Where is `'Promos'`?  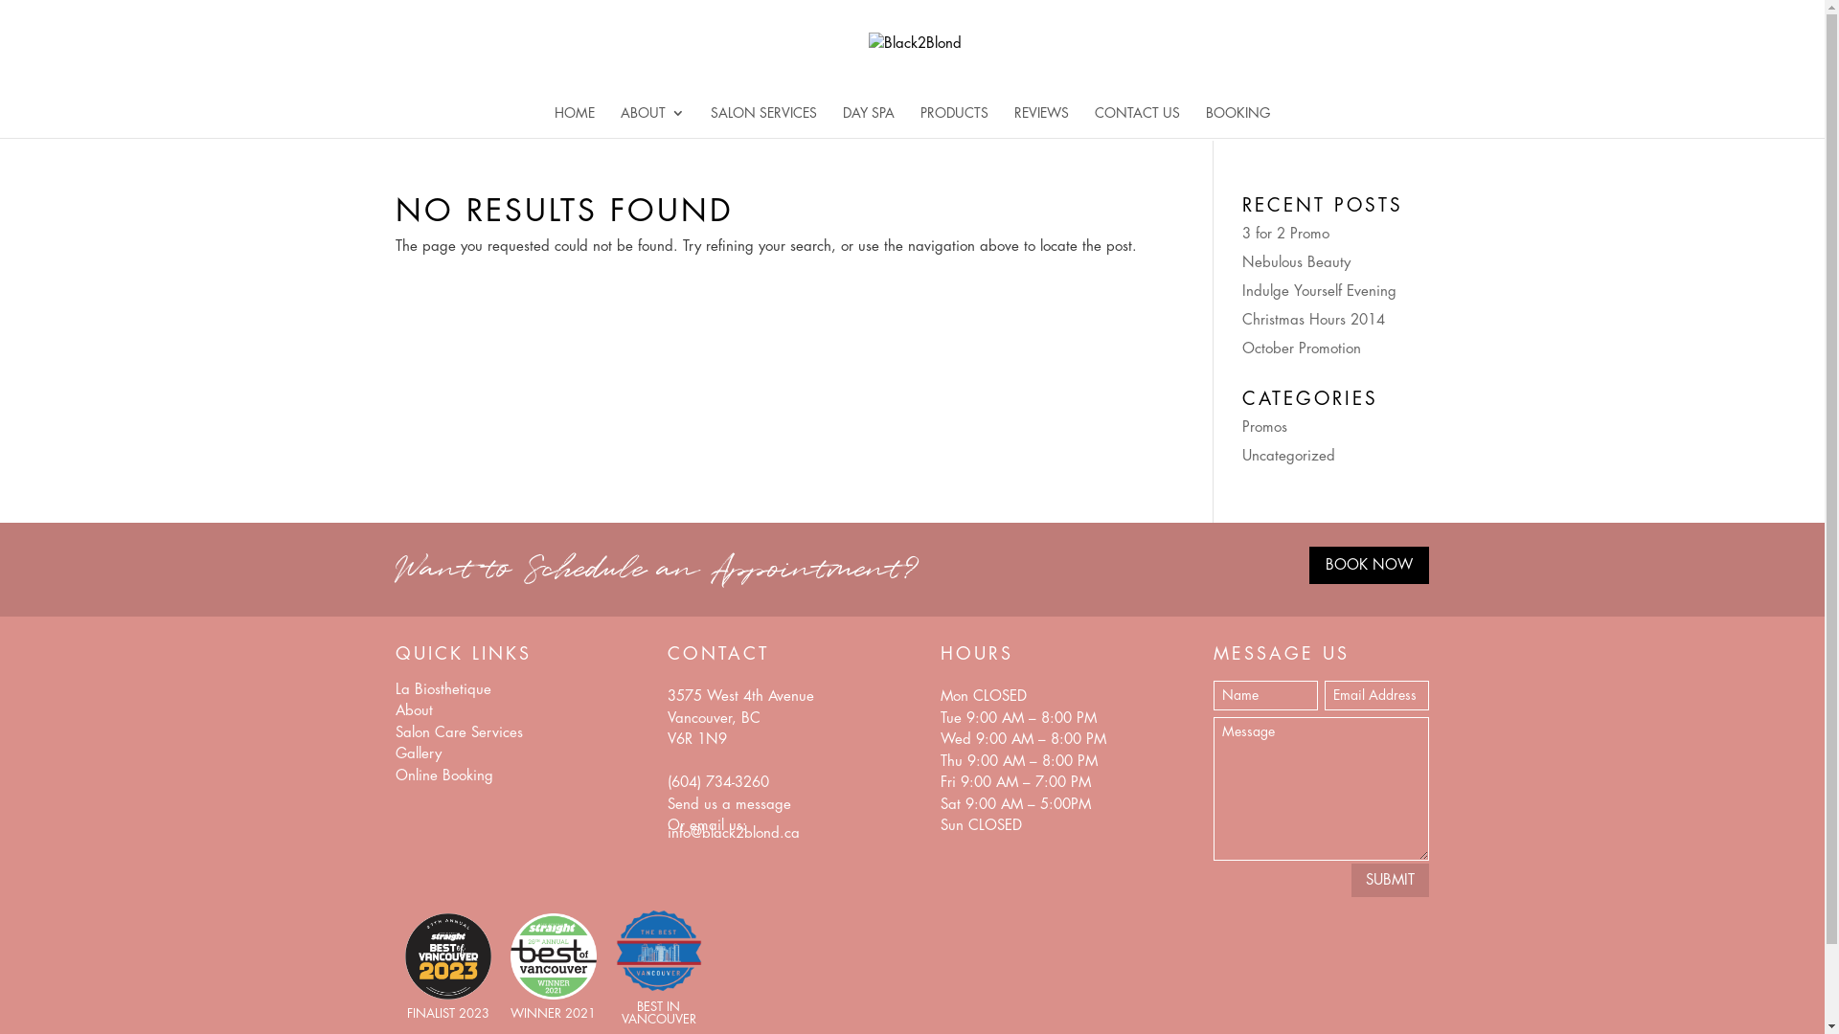
'Promos' is located at coordinates (1241, 425).